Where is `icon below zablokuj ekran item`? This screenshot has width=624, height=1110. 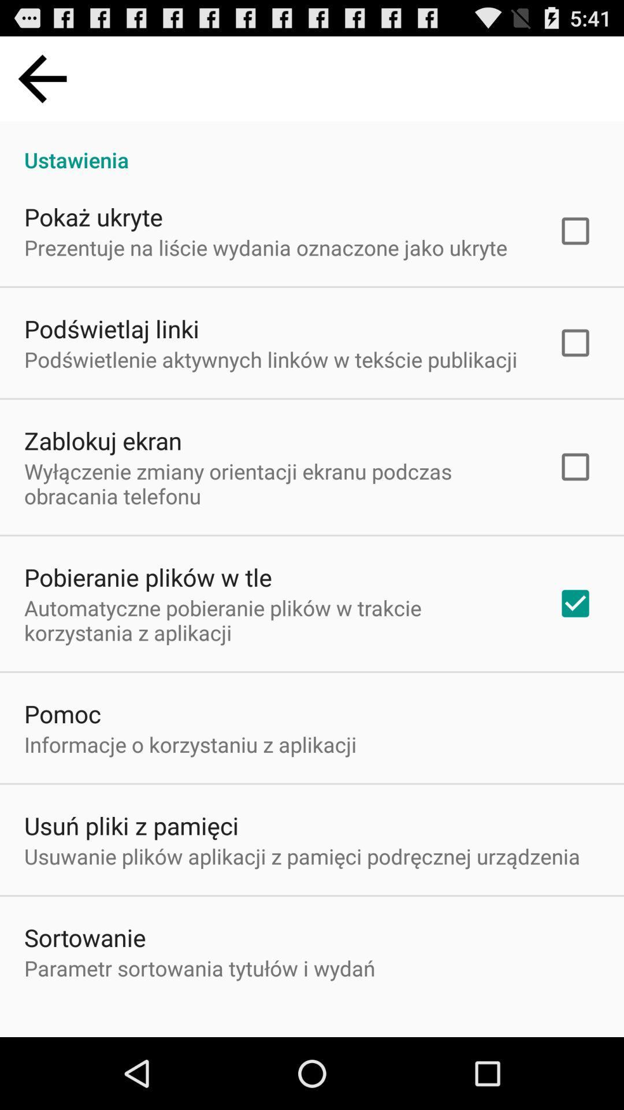 icon below zablokuj ekran item is located at coordinates (276, 483).